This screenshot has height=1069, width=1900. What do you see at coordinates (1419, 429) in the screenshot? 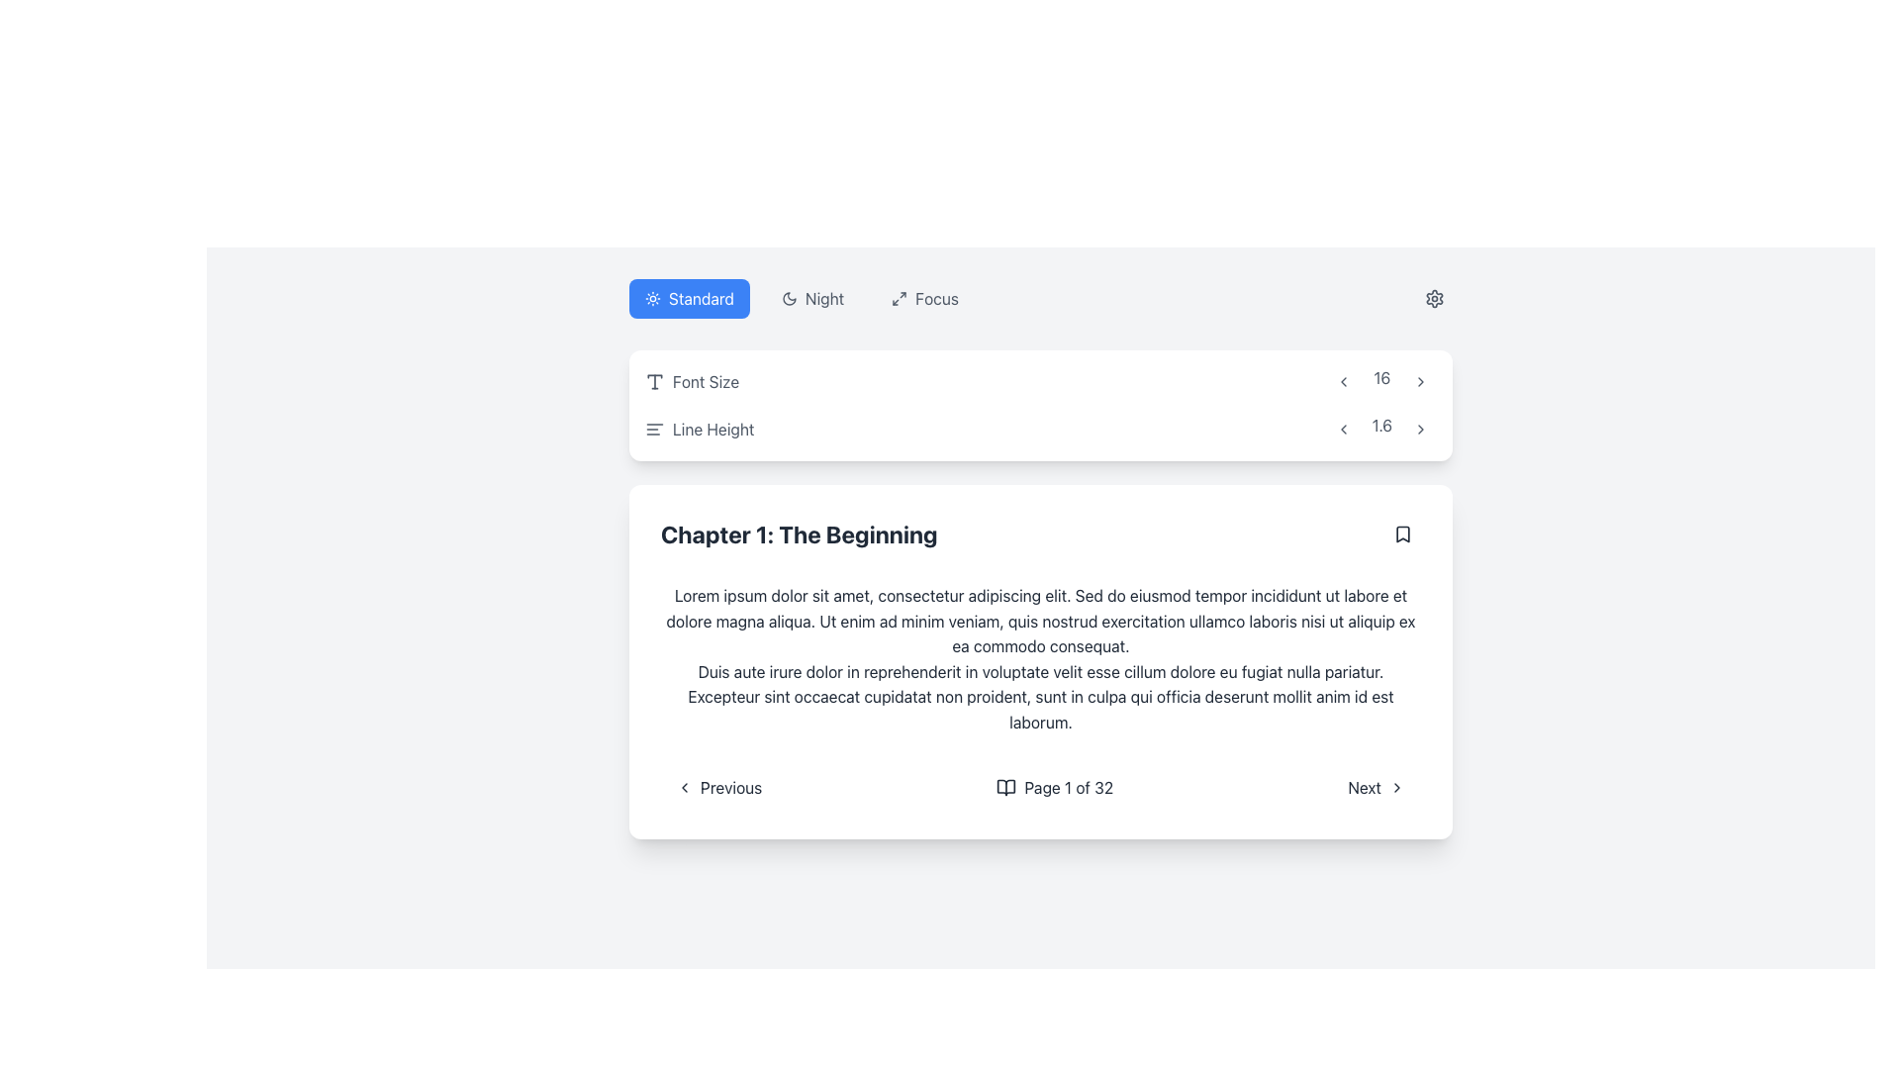
I see `the icon button located in the top right section of the visible panel, adjacent to the '1.6' label, to incrementally adjust the line height setting` at bounding box center [1419, 429].